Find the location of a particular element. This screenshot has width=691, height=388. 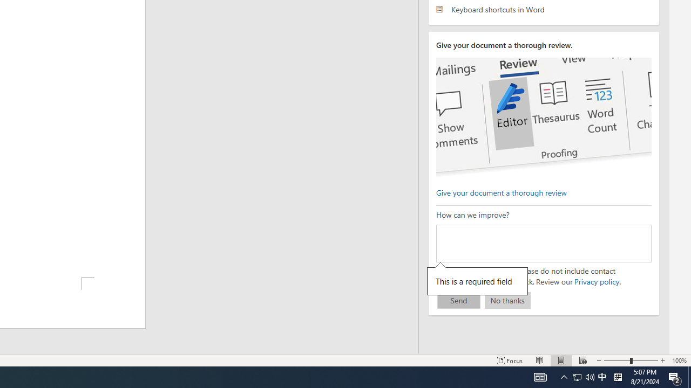

'Keyboard shortcuts in Word' is located at coordinates (544, 9).